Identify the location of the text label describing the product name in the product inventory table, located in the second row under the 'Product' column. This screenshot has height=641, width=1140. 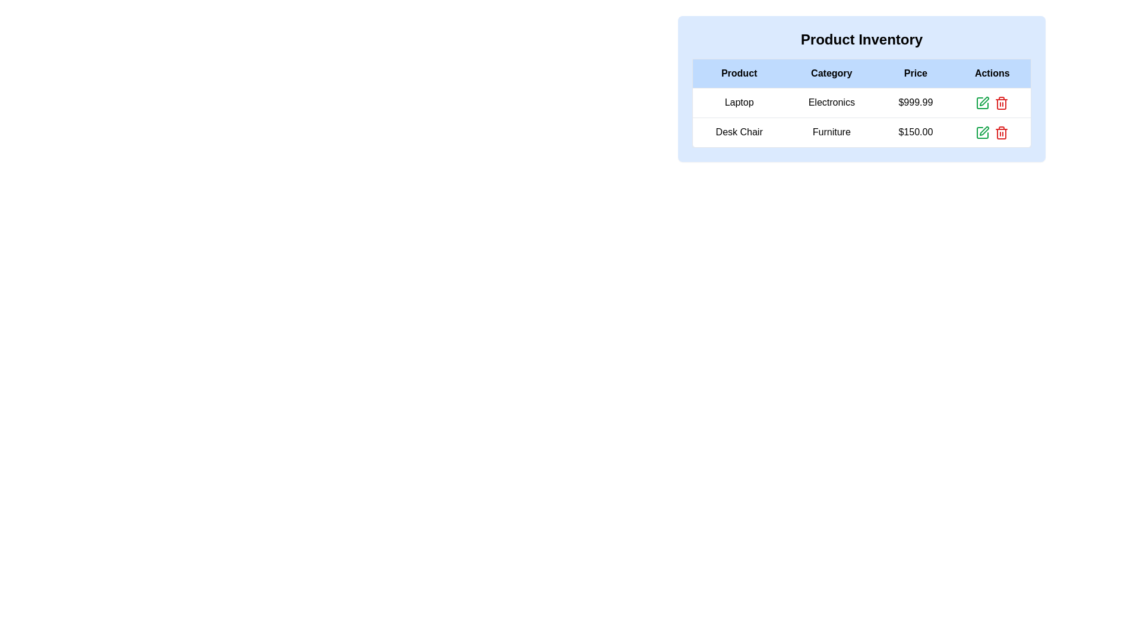
(738, 132).